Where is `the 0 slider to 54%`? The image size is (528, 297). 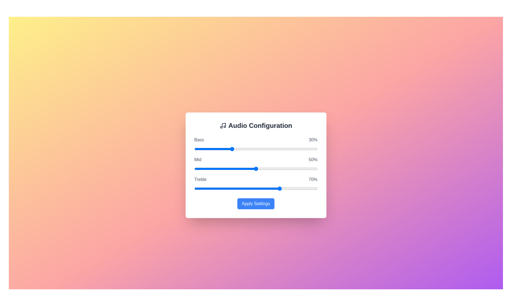 the 0 slider to 54% is located at coordinates (289, 149).